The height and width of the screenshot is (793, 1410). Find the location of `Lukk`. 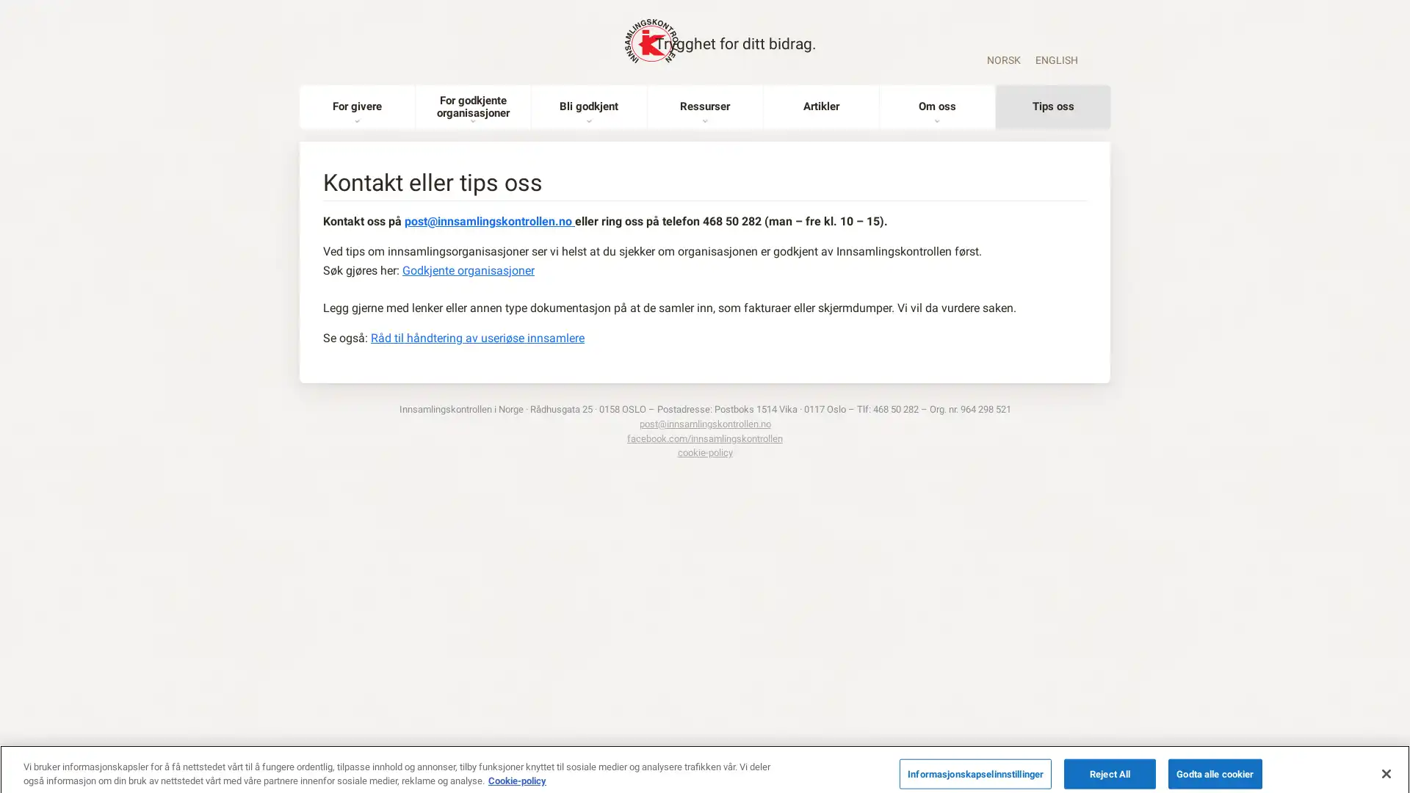

Lukk is located at coordinates (1385, 760).